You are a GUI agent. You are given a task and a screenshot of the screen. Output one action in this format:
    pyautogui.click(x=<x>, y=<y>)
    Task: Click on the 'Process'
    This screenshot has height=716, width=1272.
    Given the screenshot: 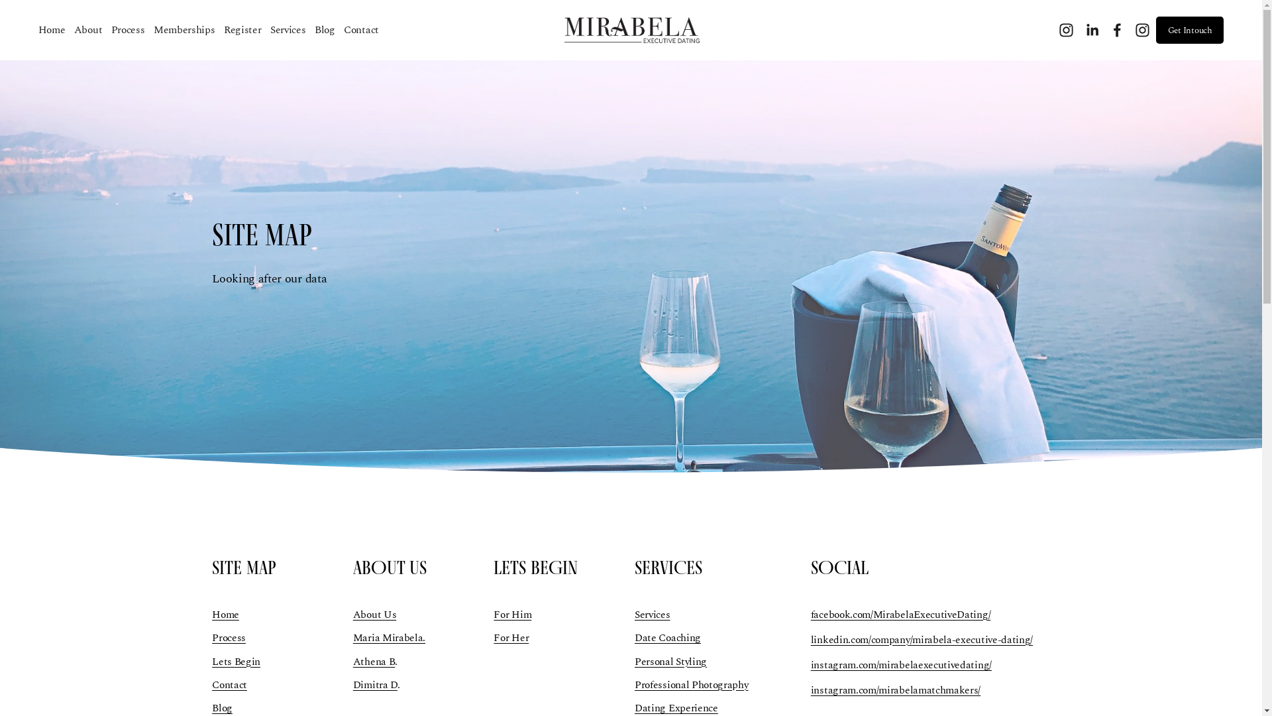 What is the action you would take?
    pyautogui.click(x=111, y=30)
    